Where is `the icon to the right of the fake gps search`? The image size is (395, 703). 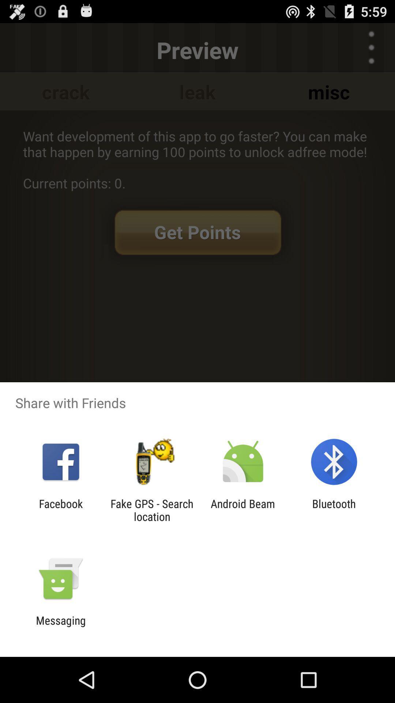 the icon to the right of the fake gps search is located at coordinates (243, 510).